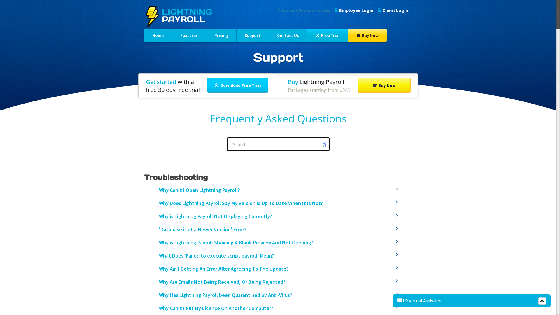 The height and width of the screenshot is (315, 560). What do you see at coordinates (278, 10) in the screenshot?
I see `'Current Support Issues'` at bounding box center [278, 10].